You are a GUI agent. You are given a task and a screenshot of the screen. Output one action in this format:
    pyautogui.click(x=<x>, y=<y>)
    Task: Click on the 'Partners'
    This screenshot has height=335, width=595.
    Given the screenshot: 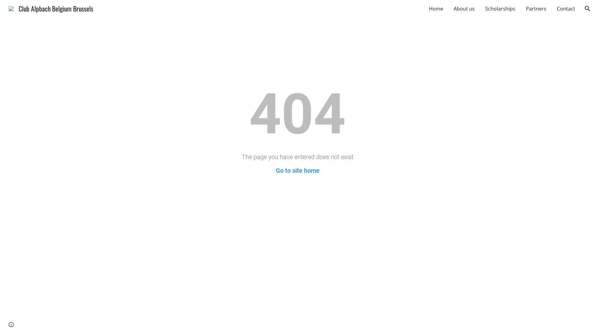 What is the action you would take?
    pyautogui.click(x=535, y=8)
    